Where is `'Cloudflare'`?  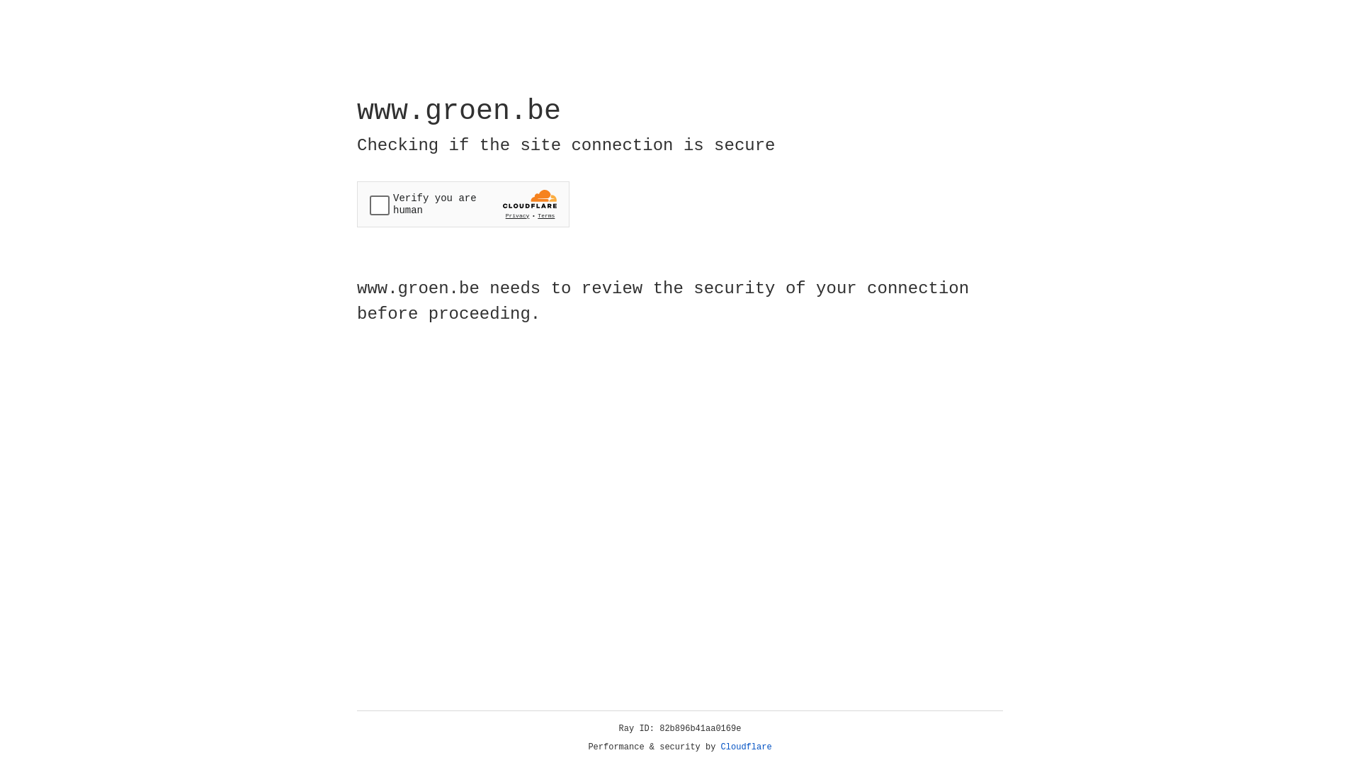
'Cloudflare' is located at coordinates (746, 747).